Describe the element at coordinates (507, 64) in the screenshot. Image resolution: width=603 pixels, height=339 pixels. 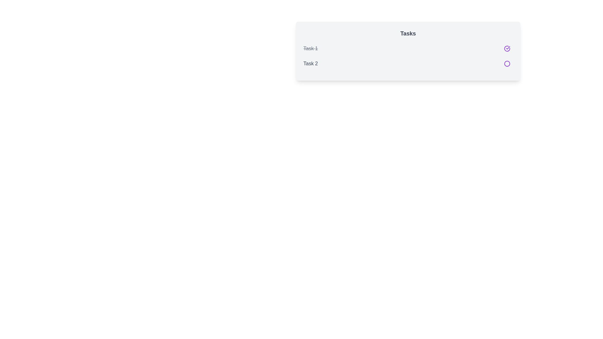
I see `the circular button icon with a purple border located next to the text 'Task 2'` at that location.